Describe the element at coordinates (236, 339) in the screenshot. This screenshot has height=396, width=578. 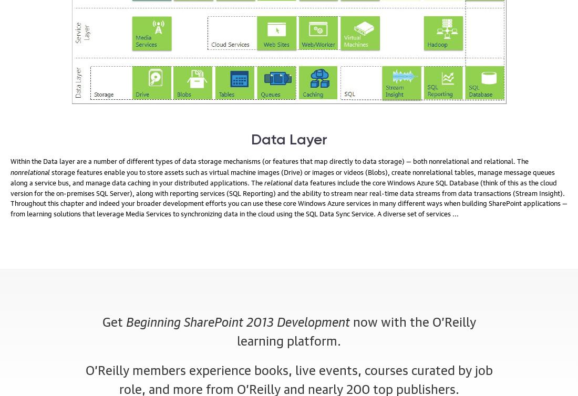
I see `'learning platform.'` at that location.